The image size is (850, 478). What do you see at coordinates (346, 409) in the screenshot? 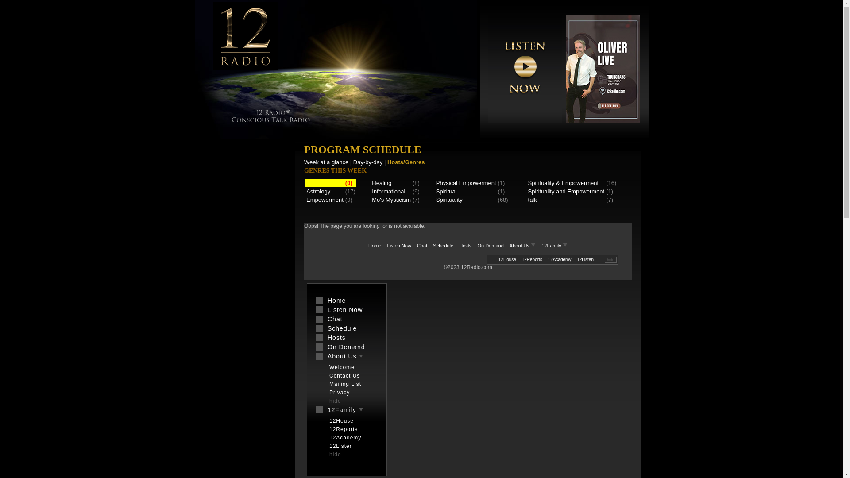
I see `'12Family'` at bounding box center [346, 409].